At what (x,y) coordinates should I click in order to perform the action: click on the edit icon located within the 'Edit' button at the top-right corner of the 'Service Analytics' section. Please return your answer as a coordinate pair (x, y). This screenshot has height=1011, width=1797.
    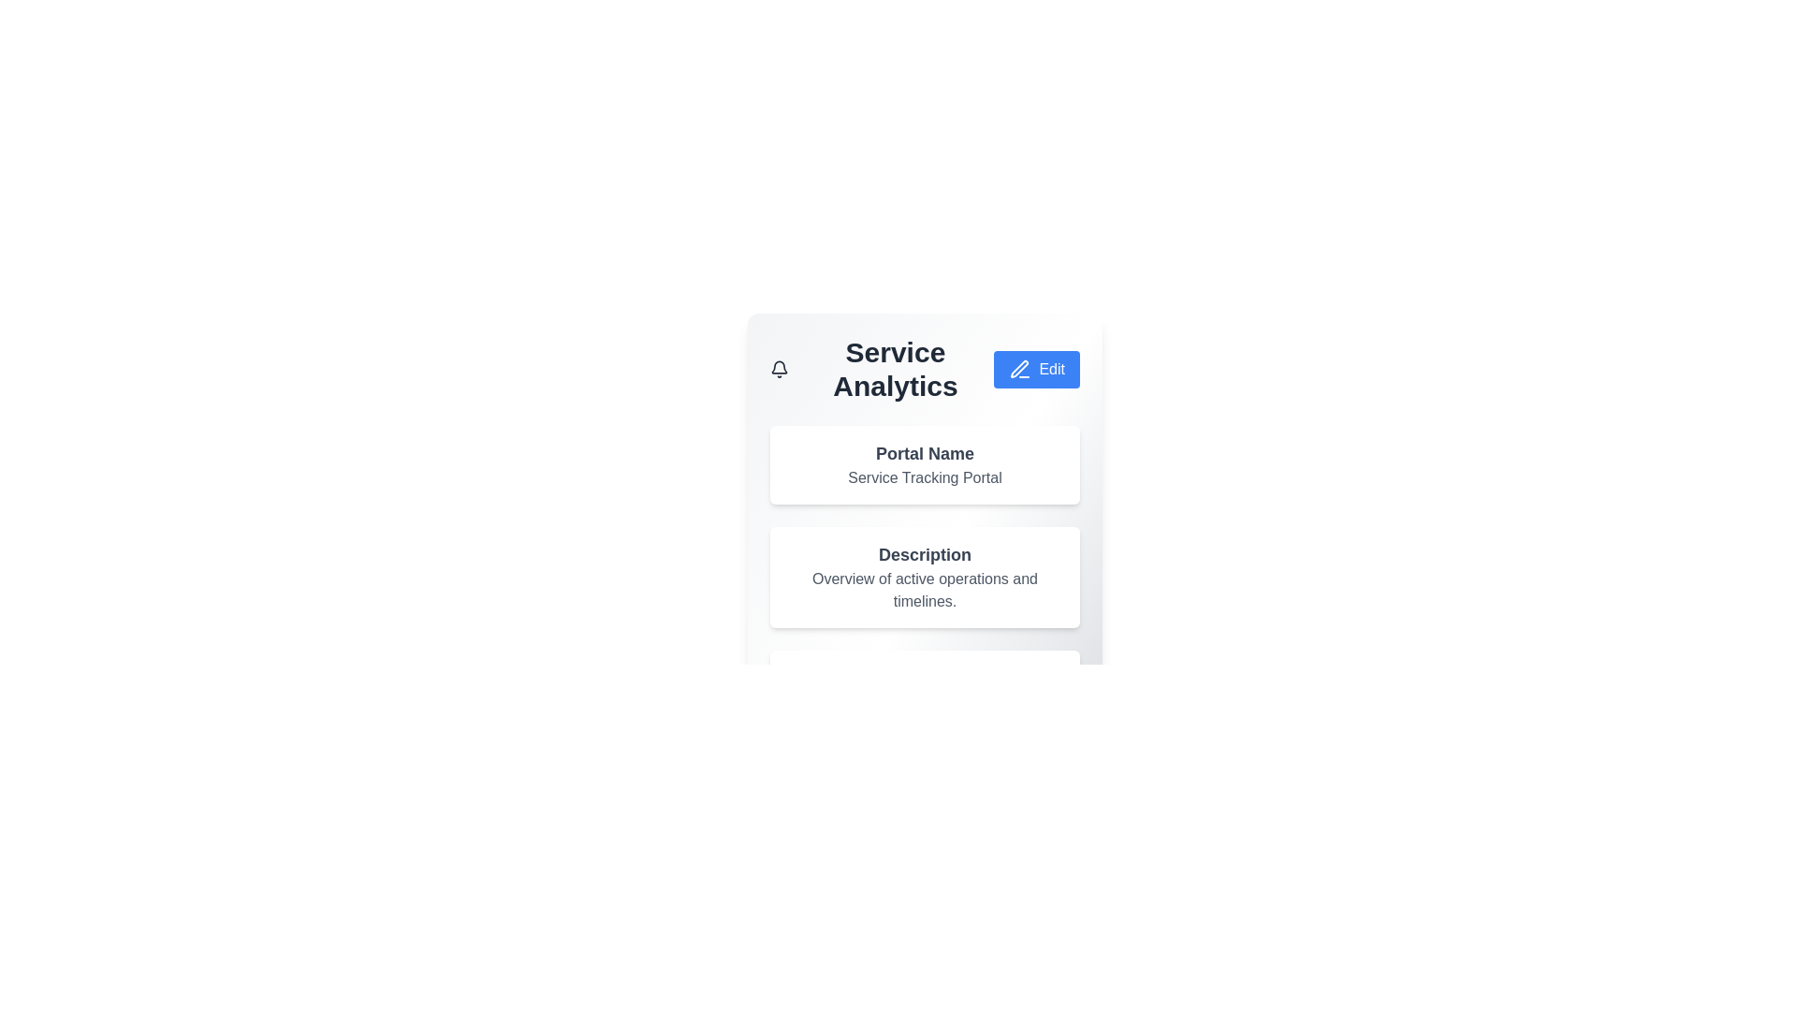
    Looking at the image, I should click on (1019, 369).